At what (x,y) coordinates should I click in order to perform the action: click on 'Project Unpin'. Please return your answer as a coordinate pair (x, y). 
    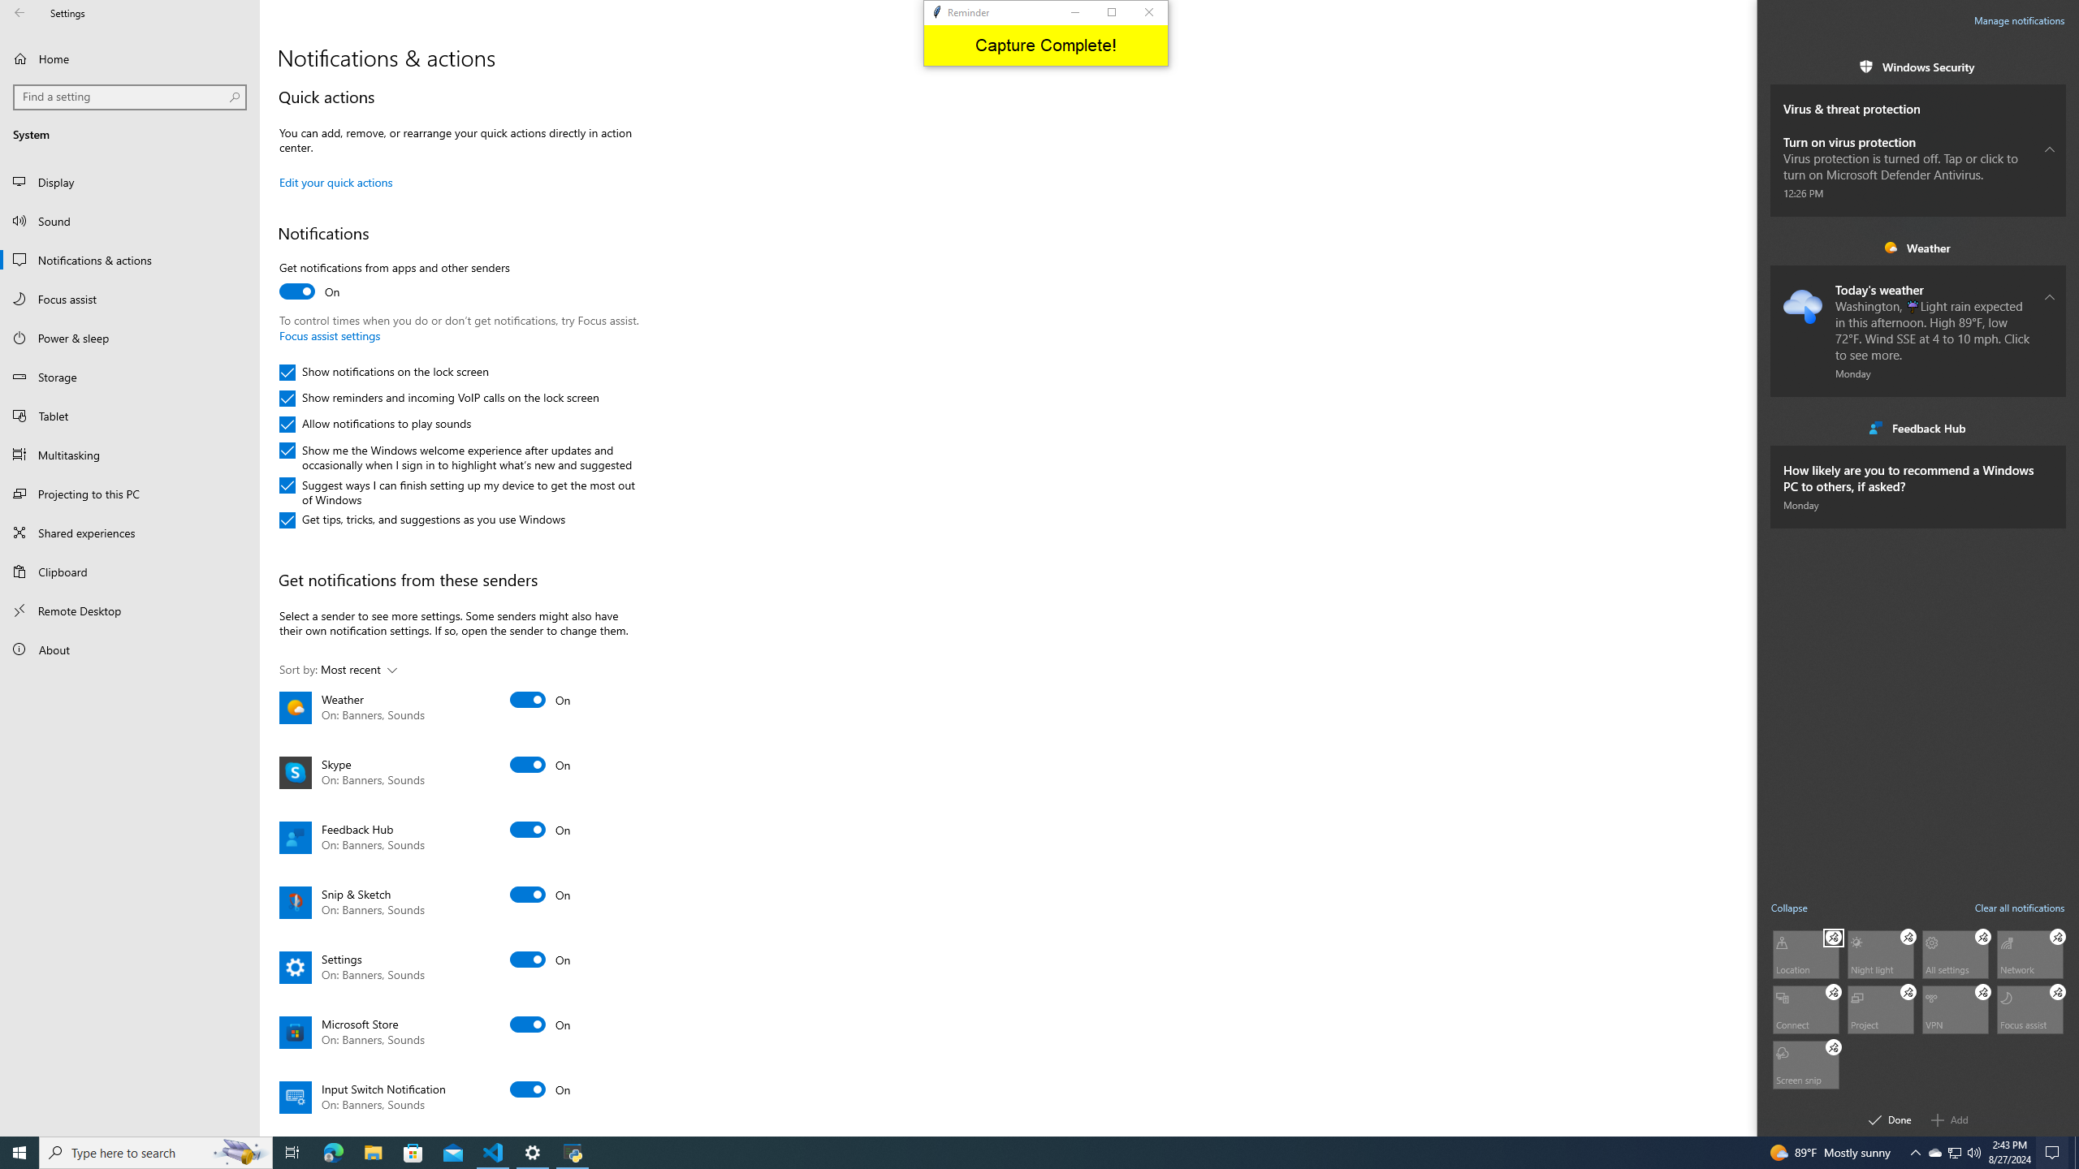
    Looking at the image, I should click on (1908, 991).